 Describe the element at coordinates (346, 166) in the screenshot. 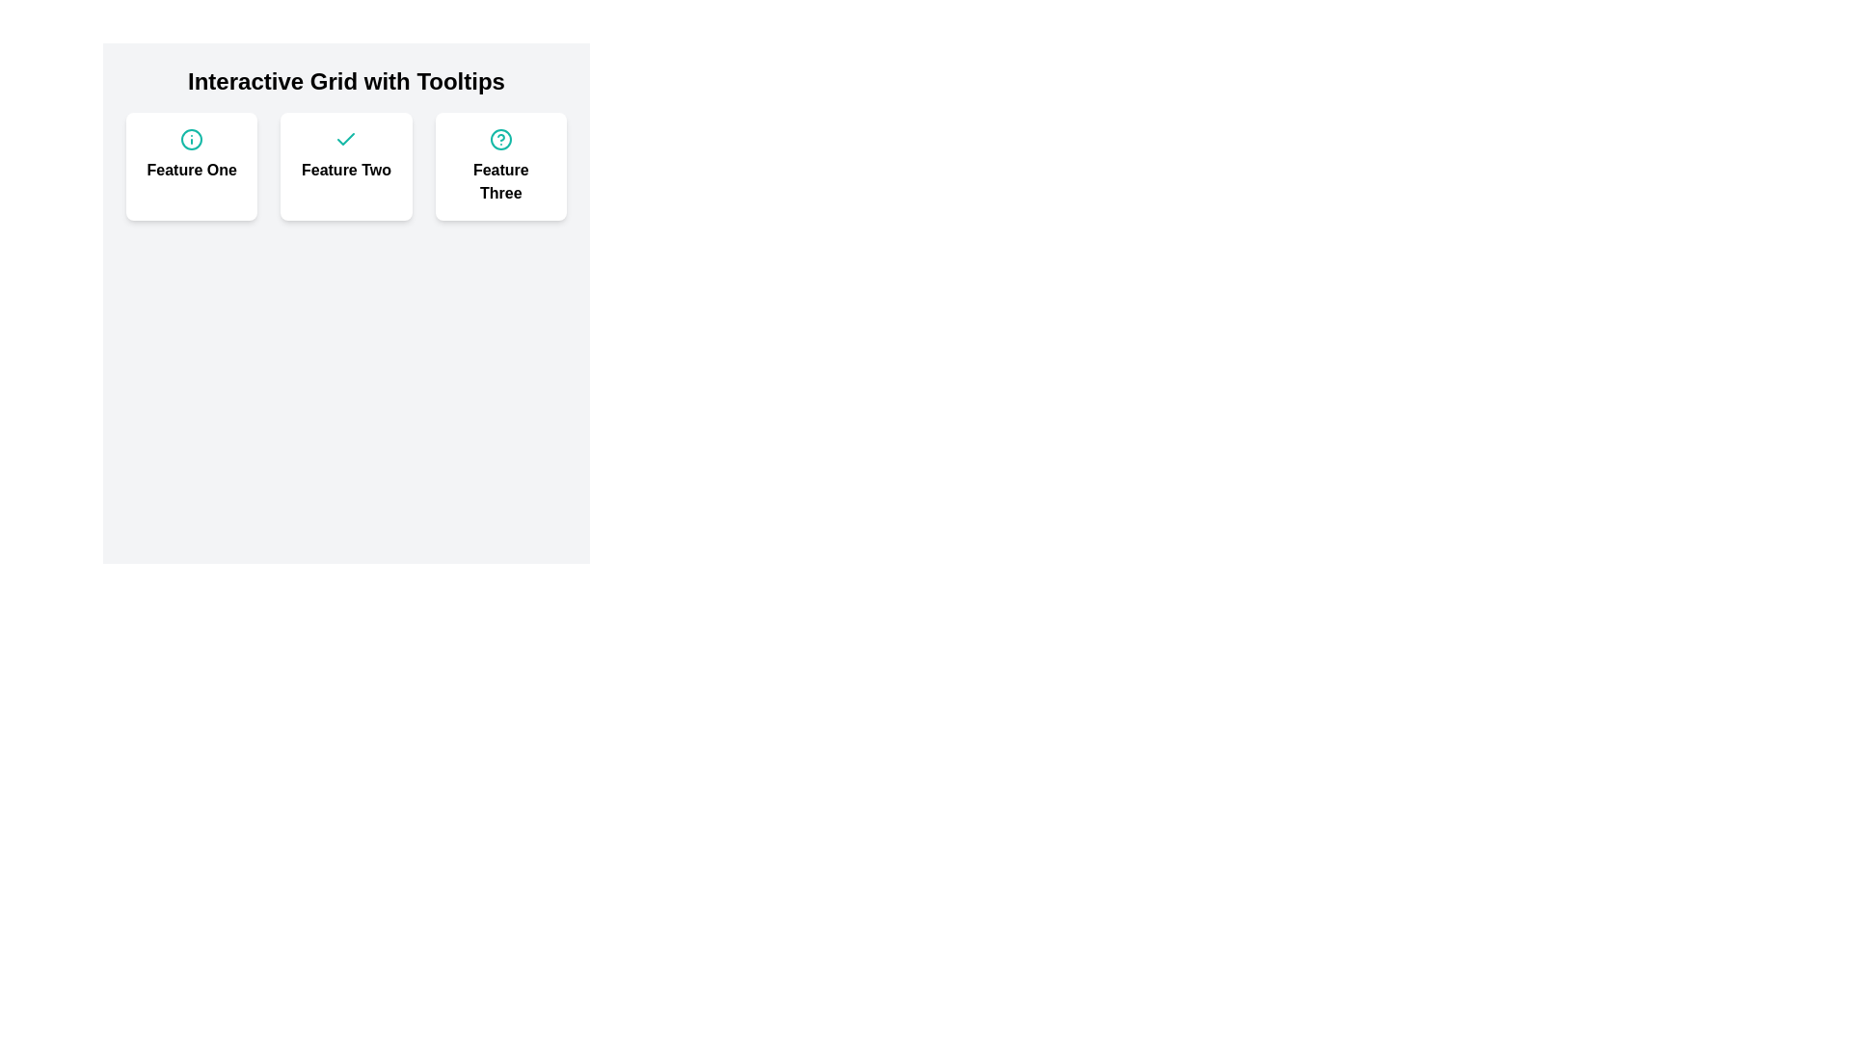

I see `the card component that is white with a shadow effect, featuring a teal checkmark icon and the bold text 'Feature Two', which is the second card in a three-column layout` at that location.